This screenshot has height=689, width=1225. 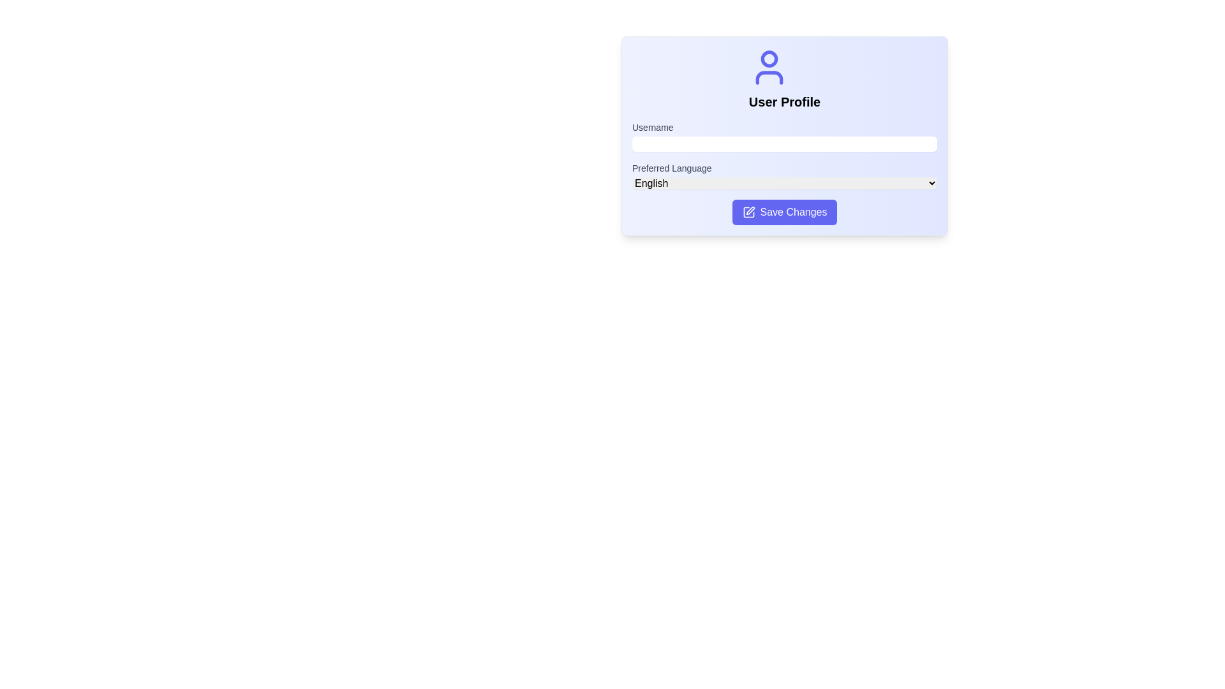 I want to click on the 'Save Changes' button which contains the icon representing the save action, located at the bottom of the profile form, so click(x=748, y=211).